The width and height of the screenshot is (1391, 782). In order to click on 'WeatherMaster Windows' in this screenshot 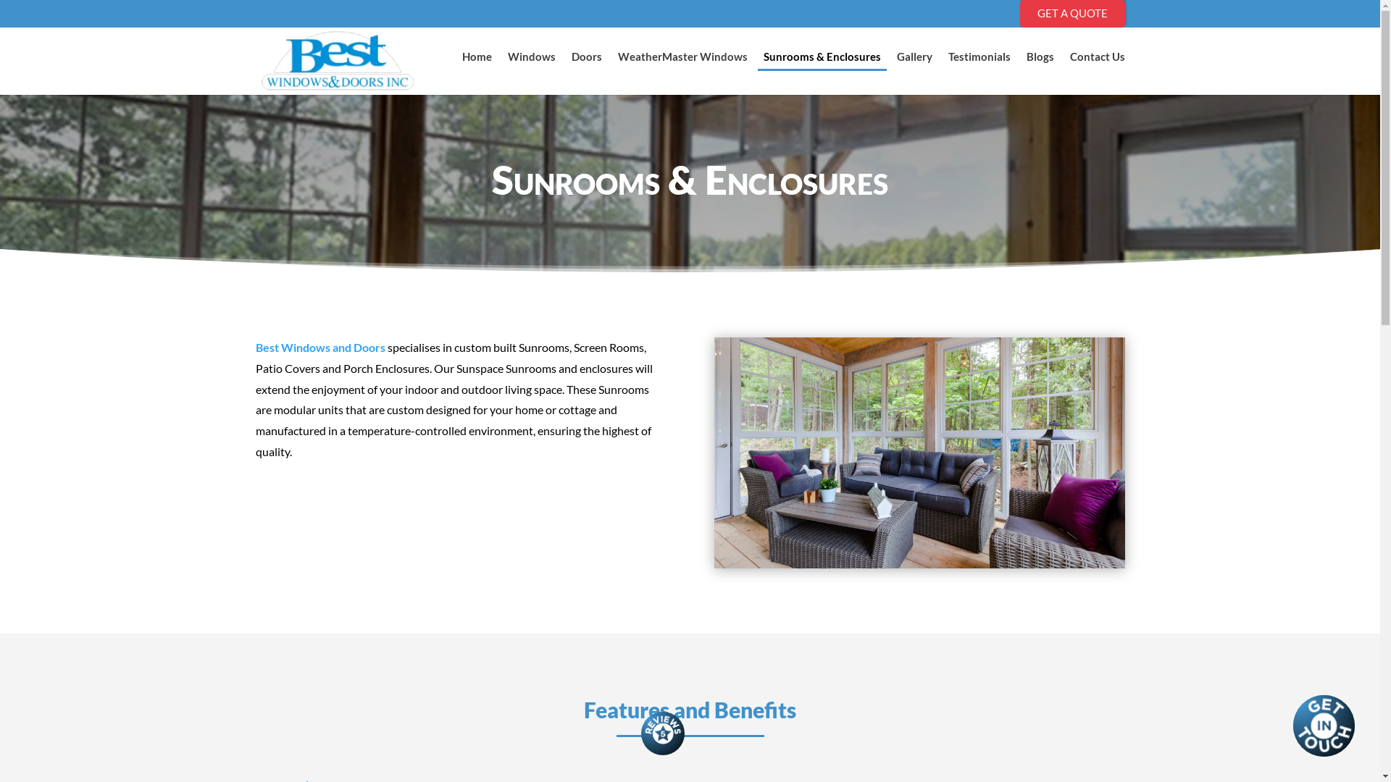, I will do `click(617, 68)`.